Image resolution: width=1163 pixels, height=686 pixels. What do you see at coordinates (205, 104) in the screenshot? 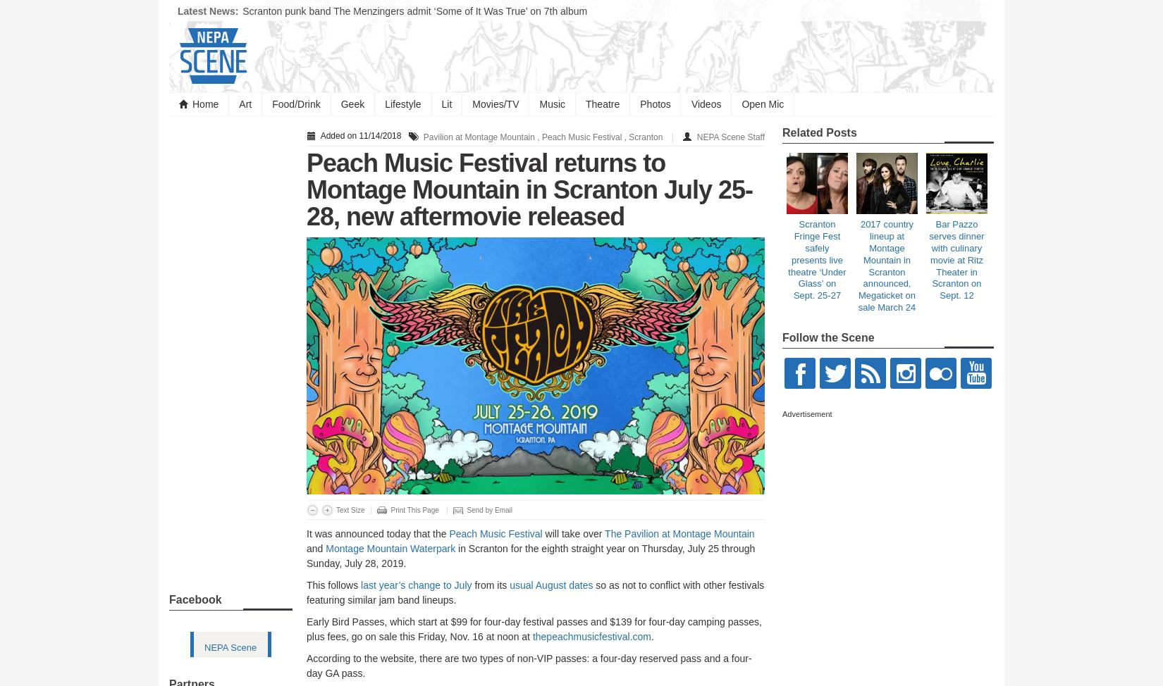
I see `'Home'` at bounding box center [205, 104].